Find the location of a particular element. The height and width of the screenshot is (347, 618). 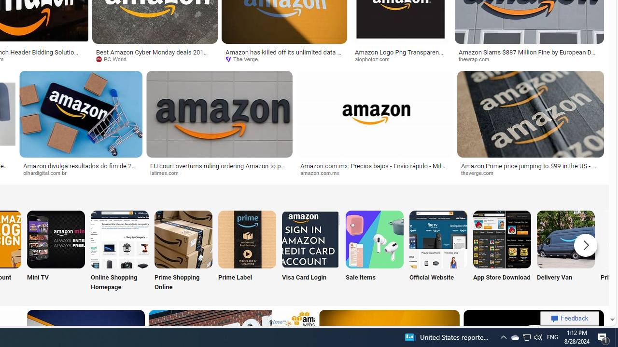

'Amazon Sale Items' is located at coordinates (374, 239).